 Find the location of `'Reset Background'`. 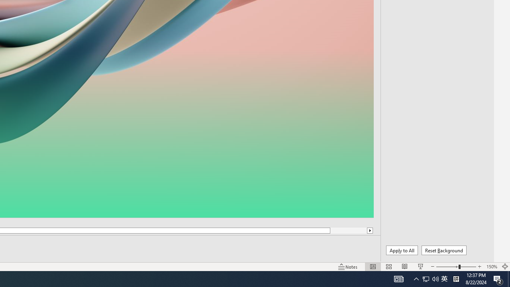

'Reset Background' is located at coordinates (443, 250).